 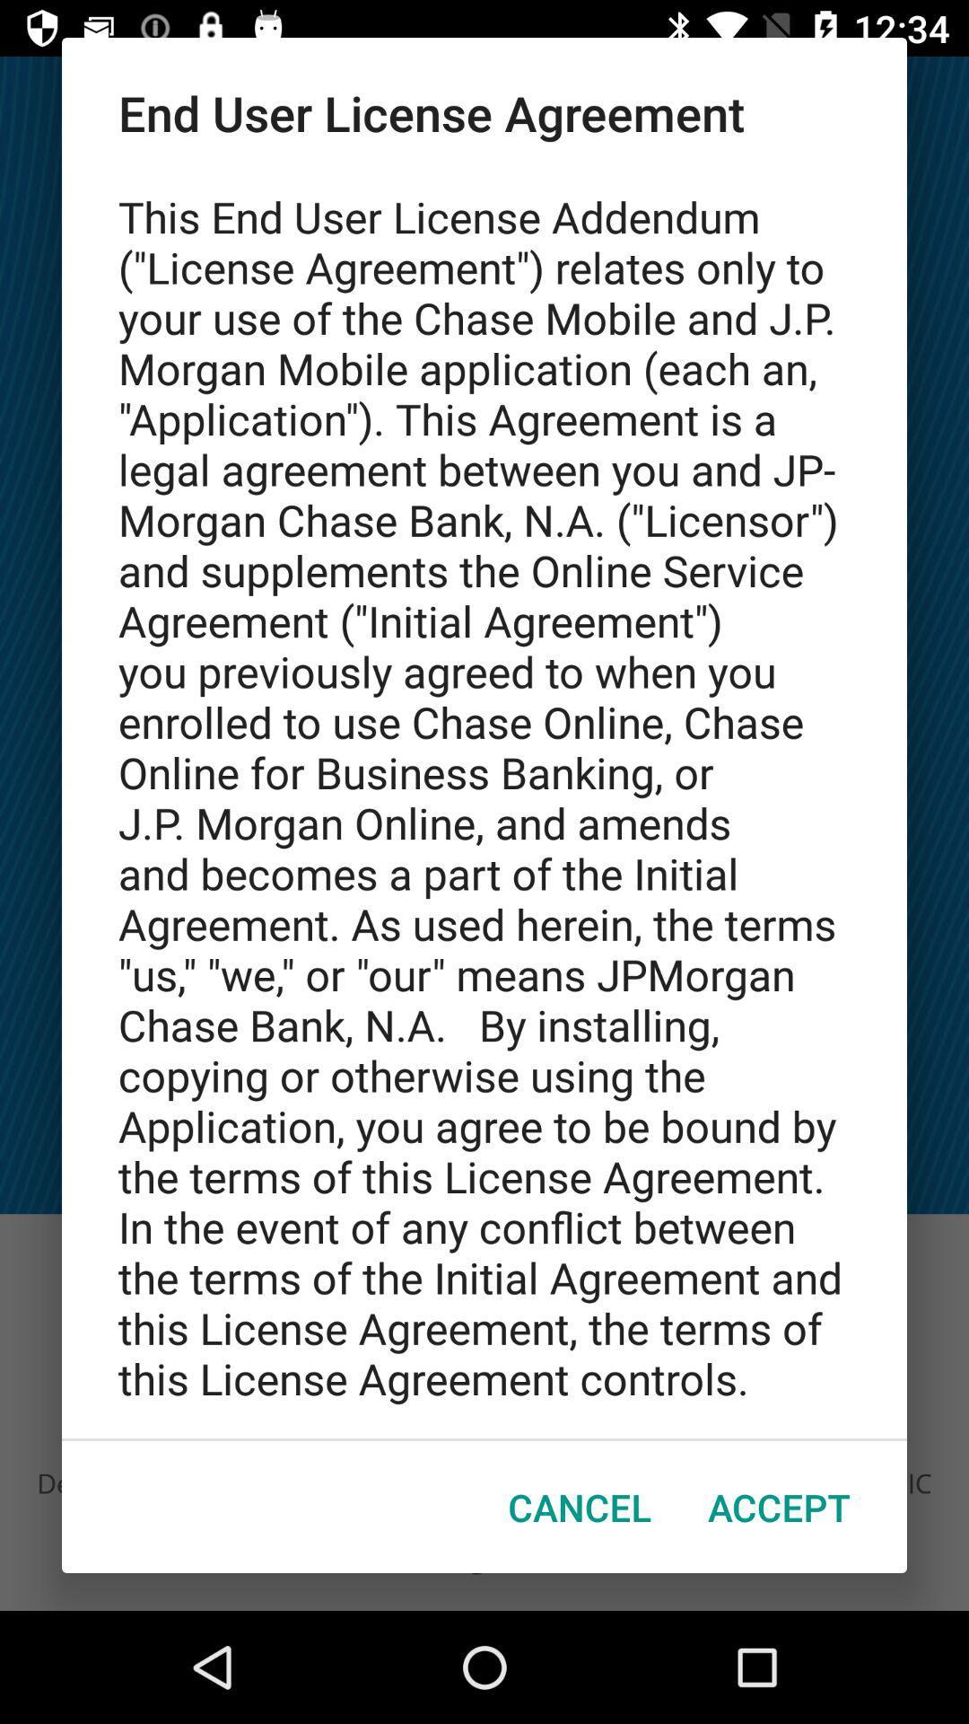 What do you see at coordinates (778, 1507) in the screenshot?
I see `accept button` at bounding box center [778, 1507].